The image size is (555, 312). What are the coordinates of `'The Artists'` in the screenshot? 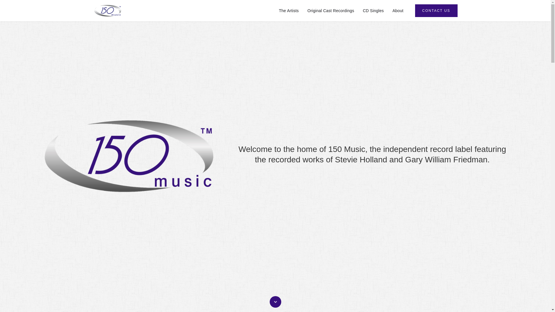 It's located at (289, 11).